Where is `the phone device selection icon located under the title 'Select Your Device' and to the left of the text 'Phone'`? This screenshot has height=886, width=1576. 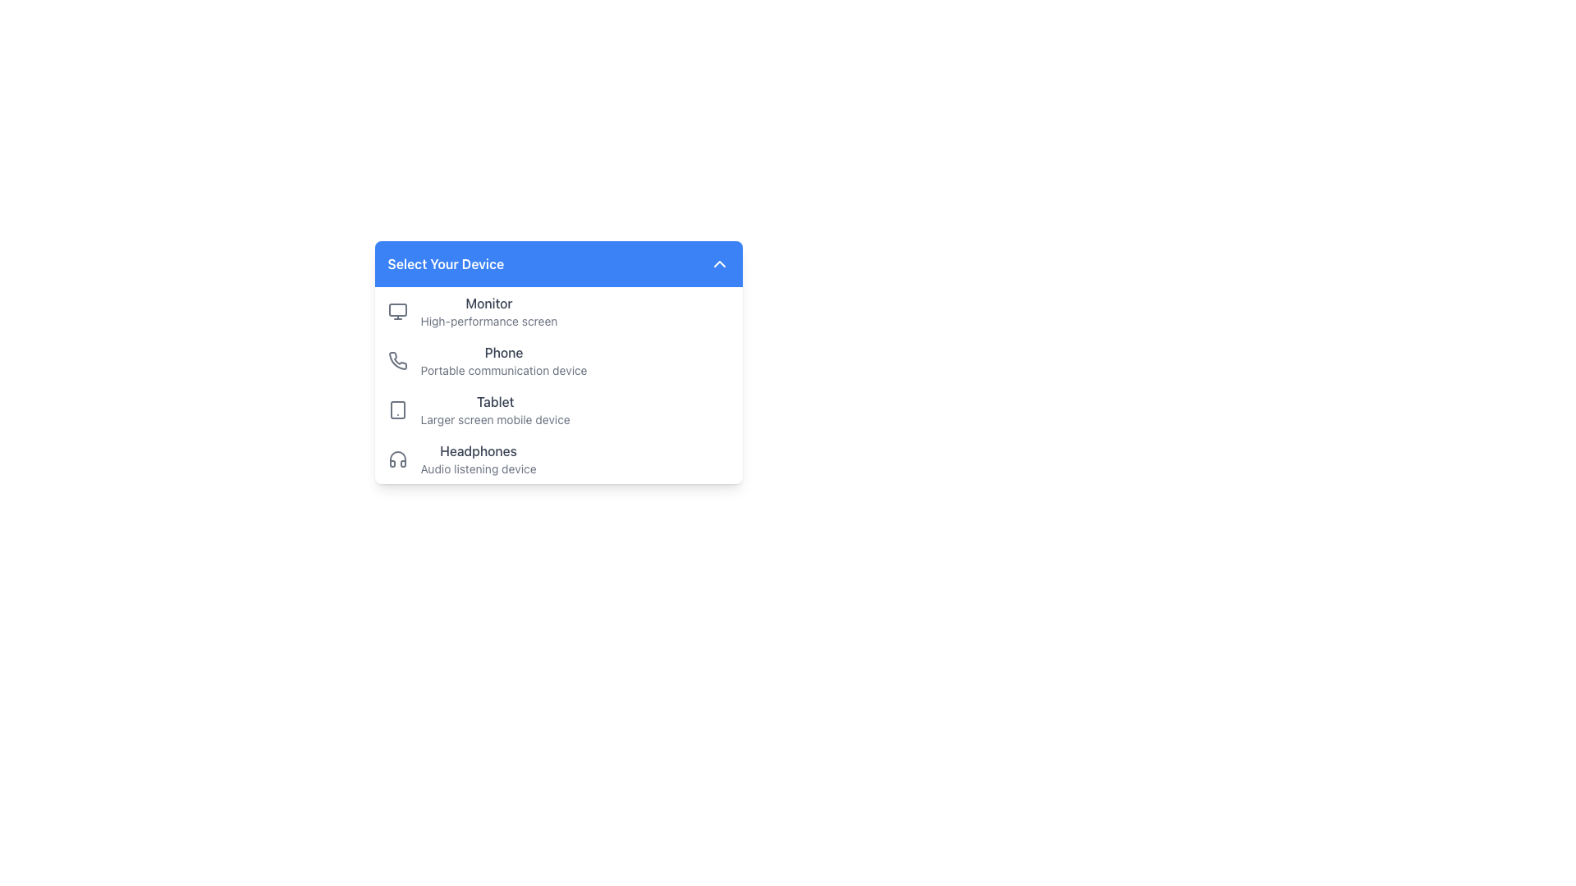 the phone device selection icon located under the title 'Select Your Device' and to the left of the text 'Phone' is located at coordinates (397, 359).